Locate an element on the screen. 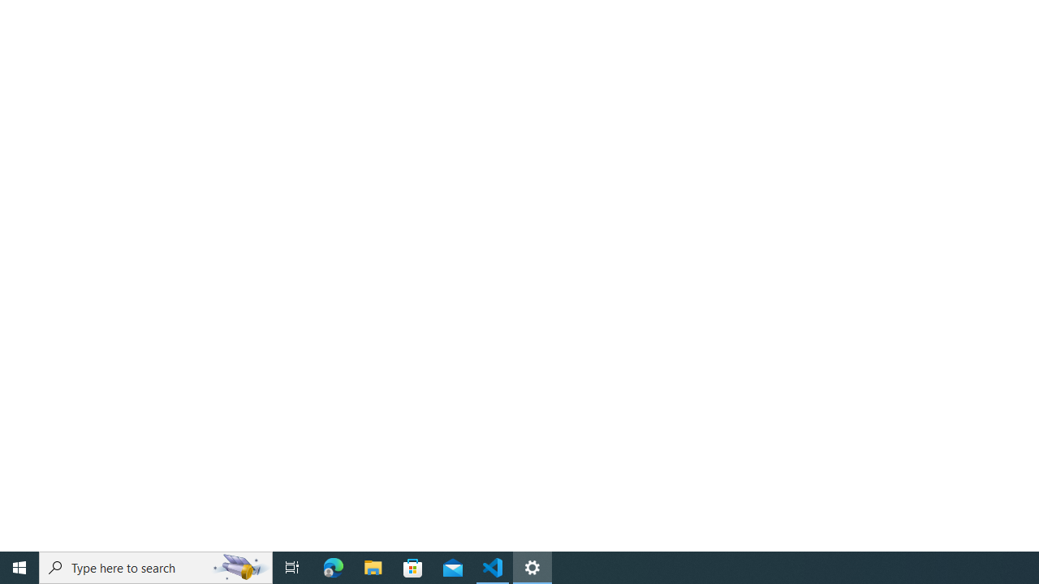 Image resolution: width=1039 pixels, height=584 pixels. 'Type here to search' is located at coordinates (156, 566).